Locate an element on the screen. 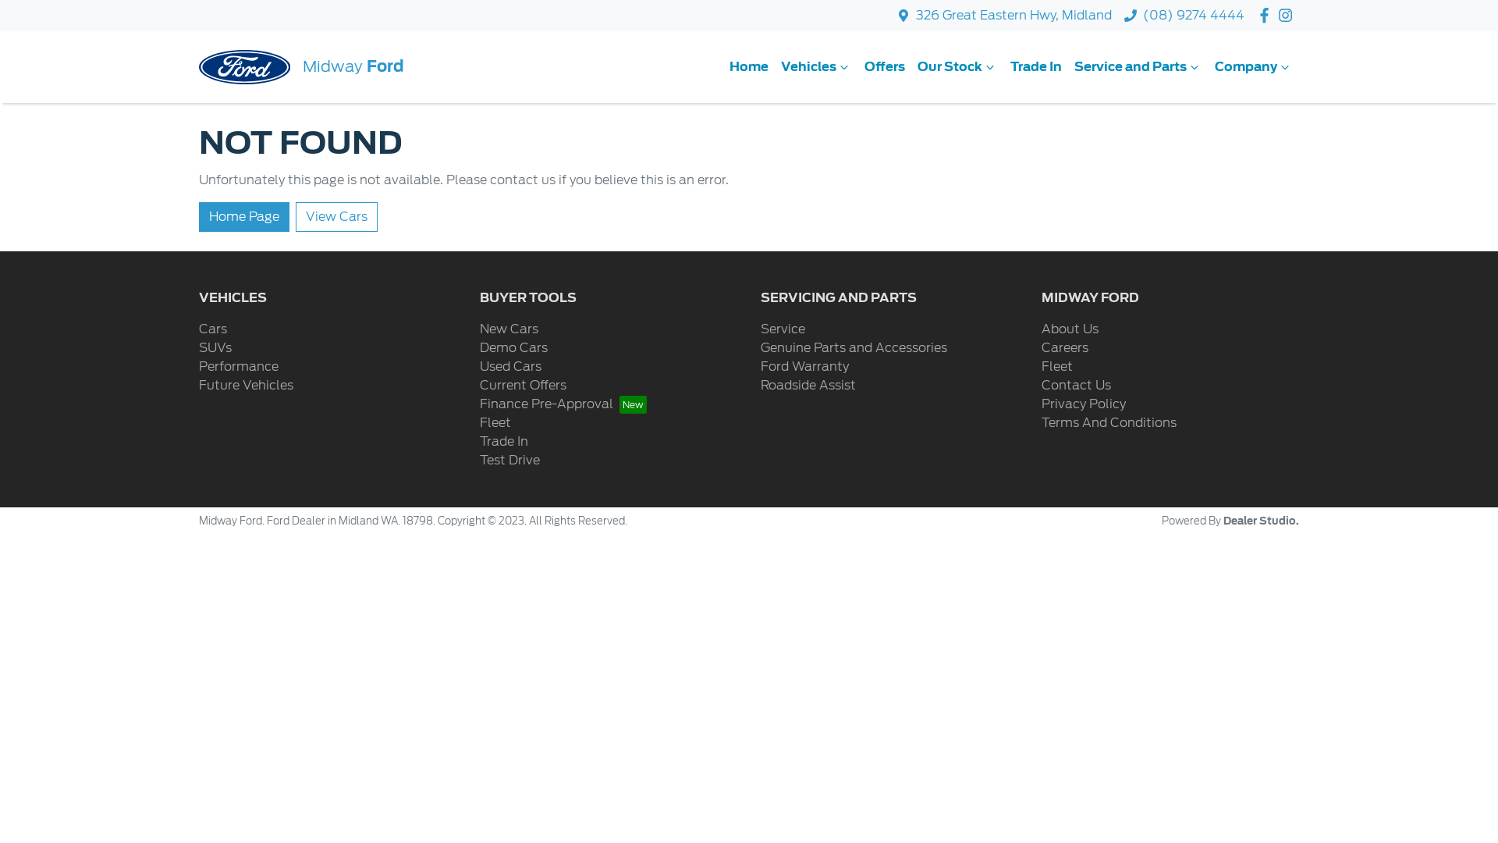  'About Us' is located at coordinates (1069, 328).